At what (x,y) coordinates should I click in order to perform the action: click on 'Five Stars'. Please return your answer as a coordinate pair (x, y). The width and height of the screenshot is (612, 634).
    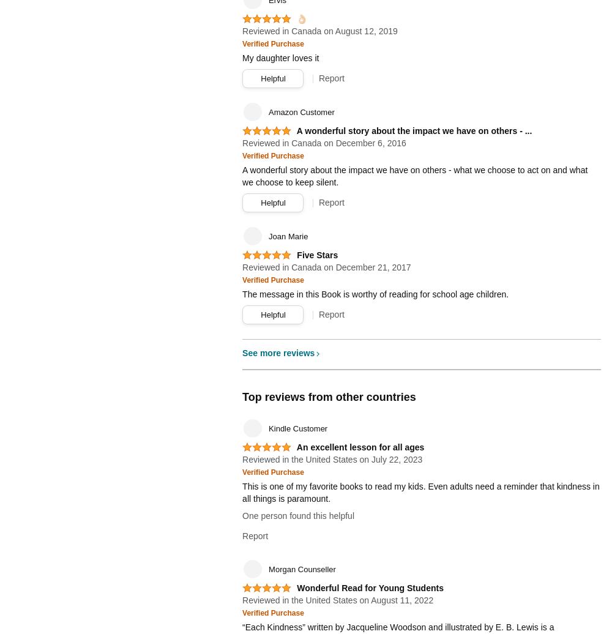
    Looking at the image, I should click on (317, 255).